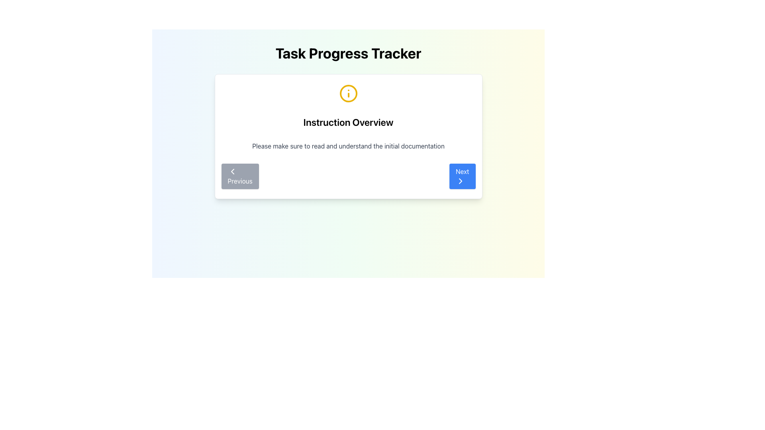 The height and width of the screenshot is (430, 765). What do you see at coordinates (232, 171) in the screenshot?
I see `the 'Previous' button icon, which visually indicates its function to navigate to the previous content or step, located on the left side of the dialog box at the bottom` at bounding box center [232, 171].